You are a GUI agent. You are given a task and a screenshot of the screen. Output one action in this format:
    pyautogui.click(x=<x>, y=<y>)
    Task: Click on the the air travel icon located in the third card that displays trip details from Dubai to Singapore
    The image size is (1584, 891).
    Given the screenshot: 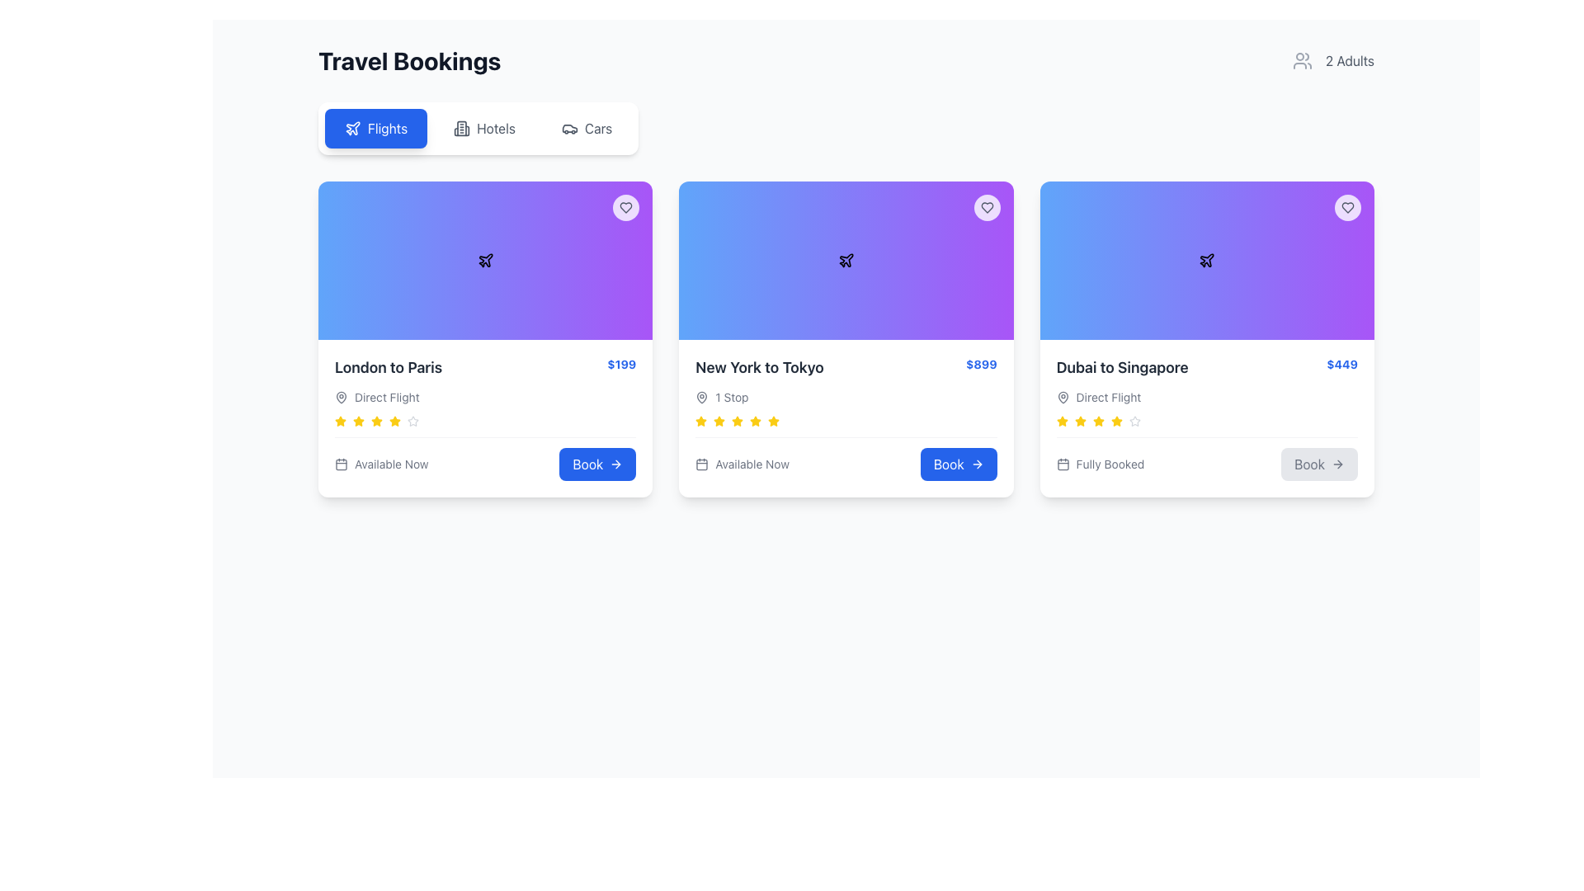 What is the action you would take?
    pyautogui.click(x=1207, y=260)
    